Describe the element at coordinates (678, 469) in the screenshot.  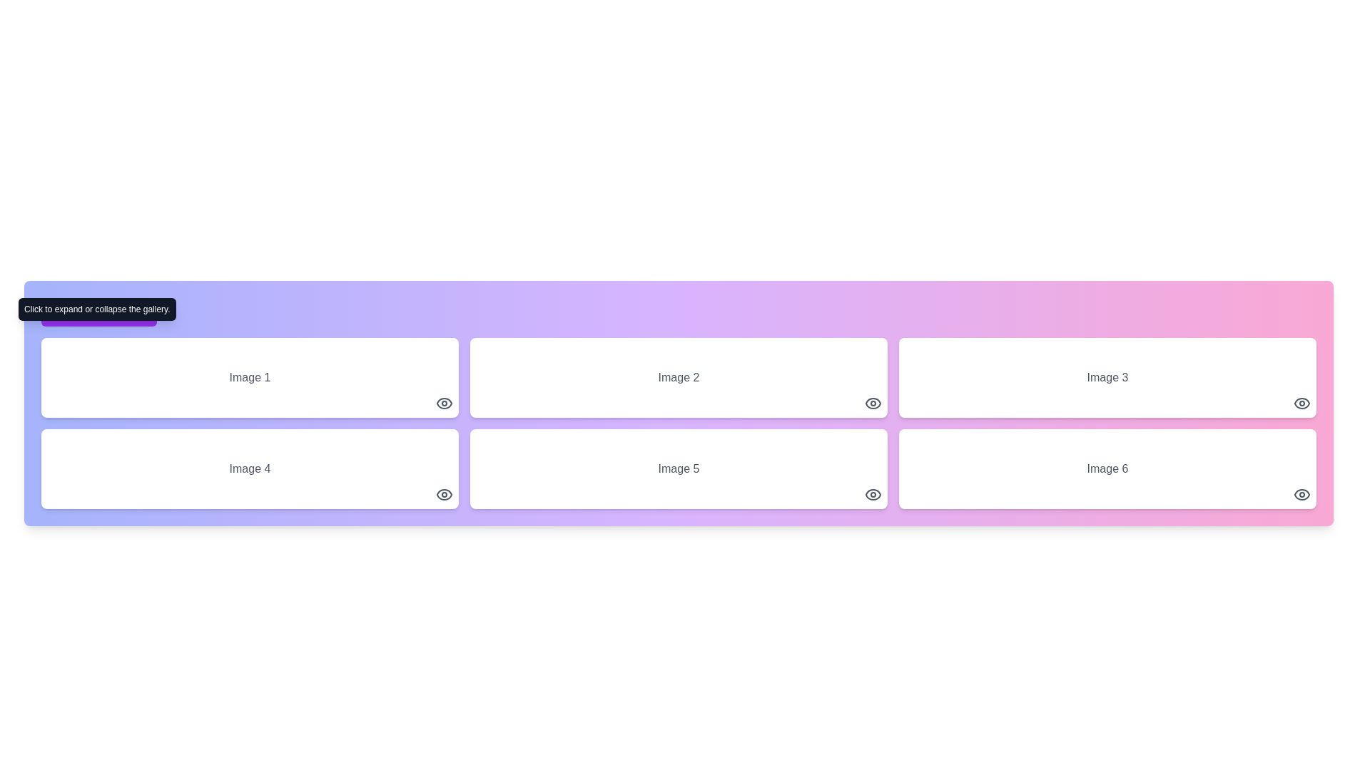
I see `the text label located in the third card from the left in the lower row of the grid layout, which provides identification or description for the card's content, positioned just above the eye icon` at that location.